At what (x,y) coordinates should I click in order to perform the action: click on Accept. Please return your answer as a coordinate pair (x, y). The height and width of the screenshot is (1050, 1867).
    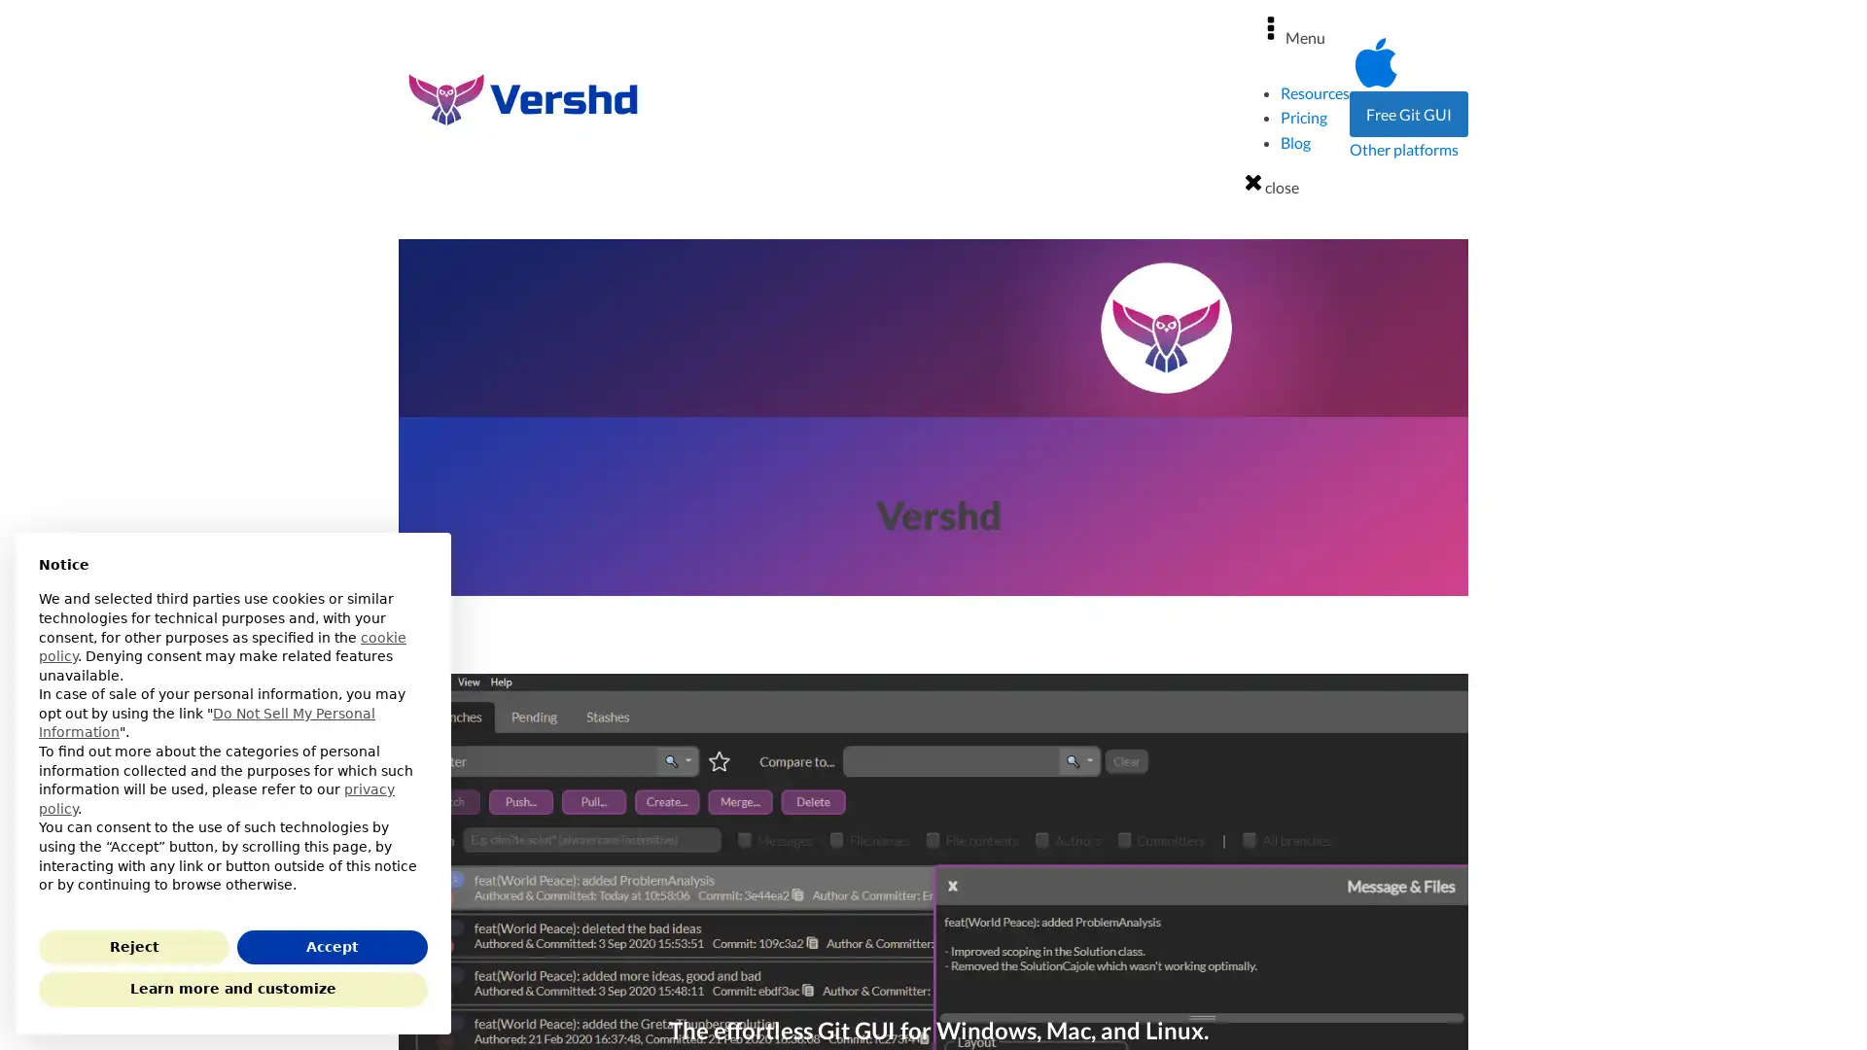
    Looking at the image, I should click on (332, 946).